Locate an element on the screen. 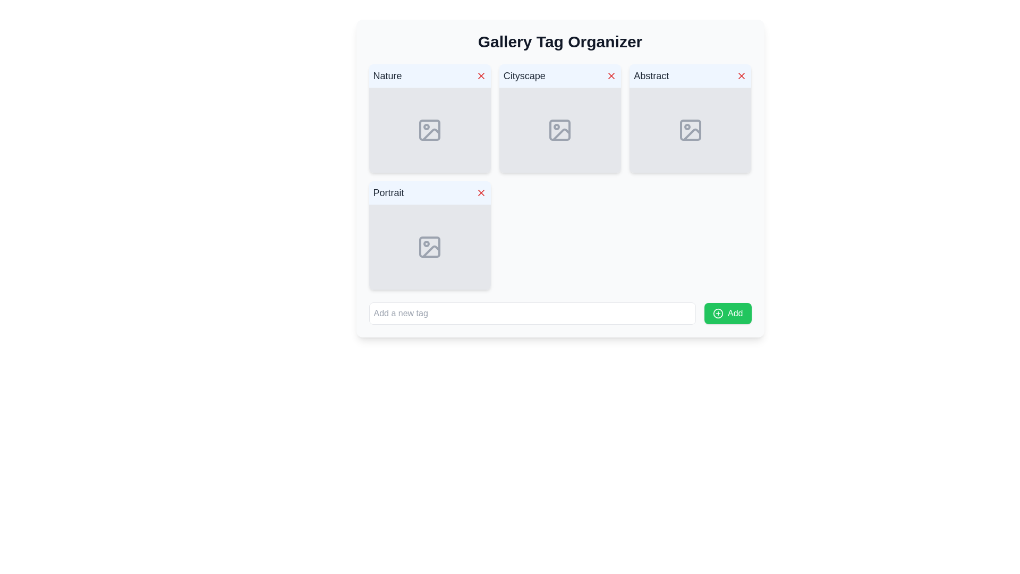 Image resolution: width=1020 pixels, height=574 pixels. the dismiss or close icon located at the upper-right corner of the 'Cityscape' tag is located at coordinates (611, 75).